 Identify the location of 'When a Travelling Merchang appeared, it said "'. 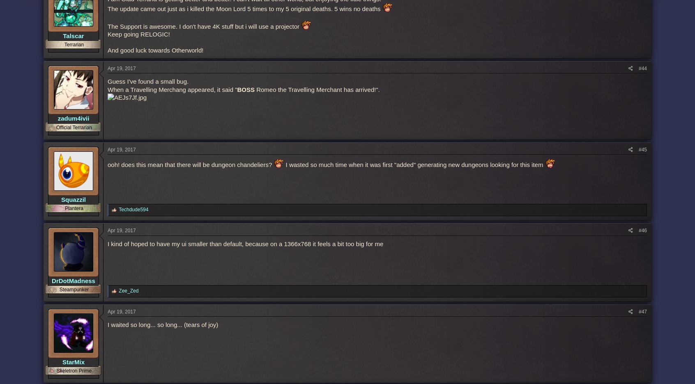
(107, 89).